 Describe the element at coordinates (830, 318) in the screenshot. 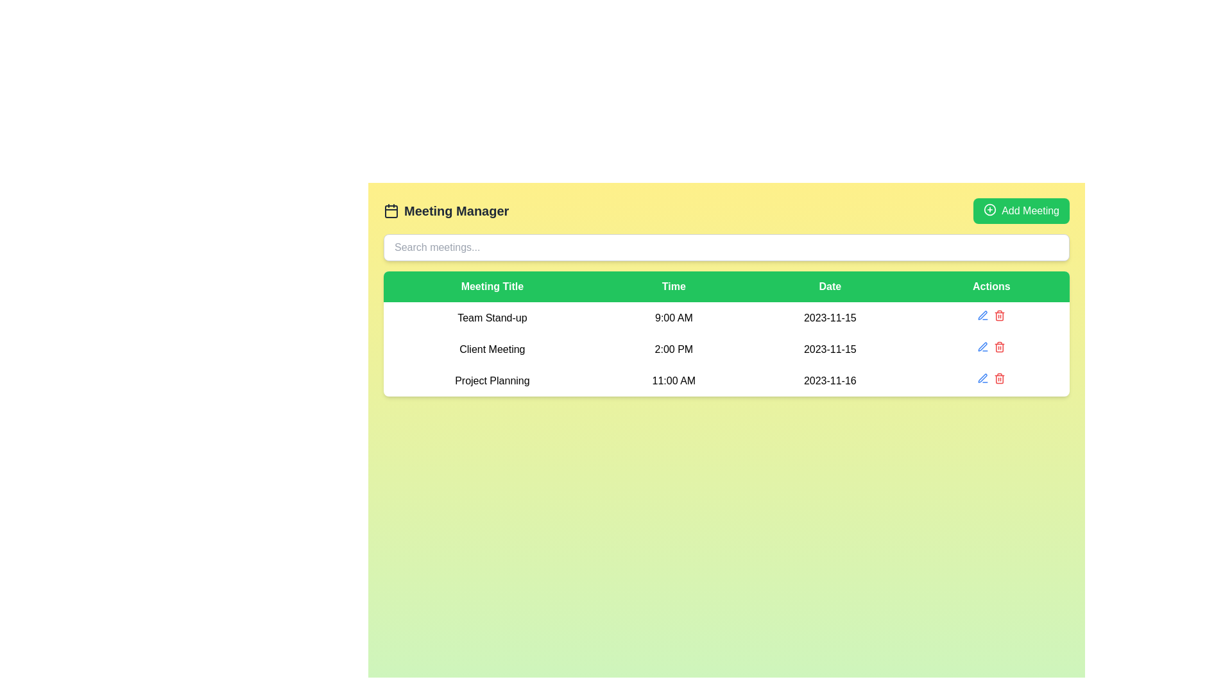

I see `the static text element displaying the scheduled date for the 'Team Stand-up' meeting, located in the third row under the 'Date' column` at that location.